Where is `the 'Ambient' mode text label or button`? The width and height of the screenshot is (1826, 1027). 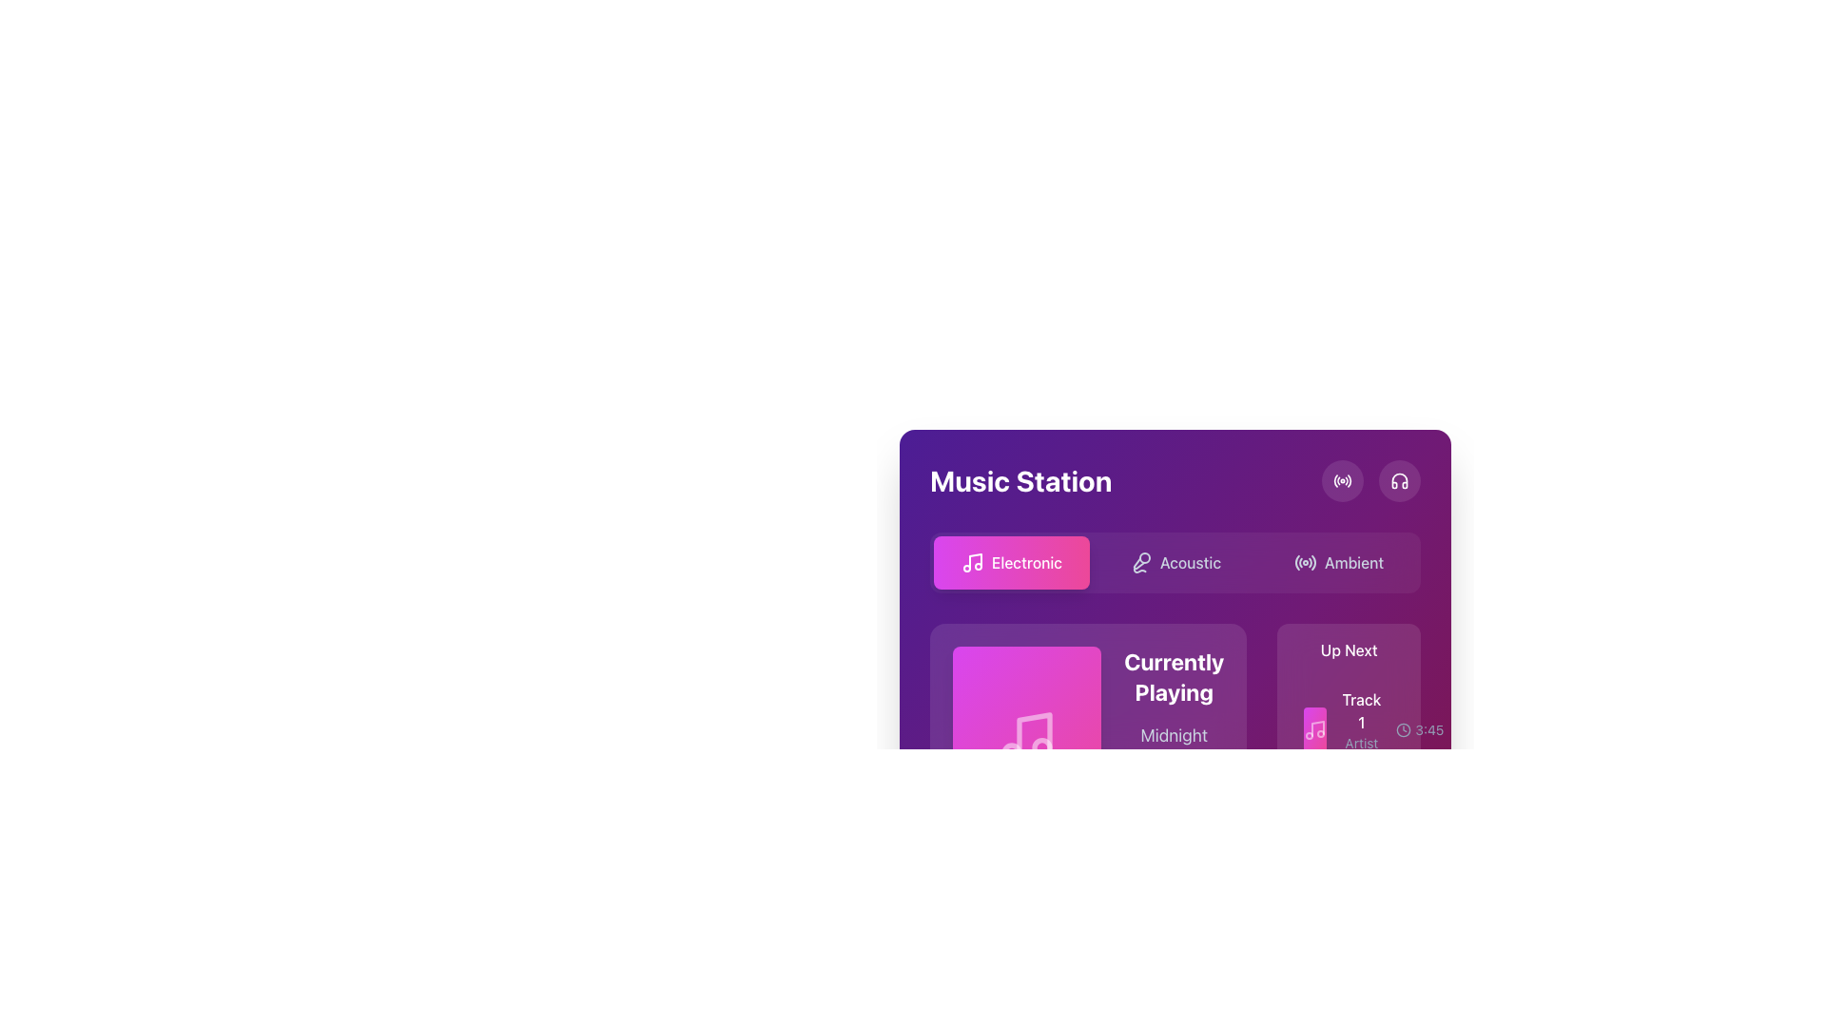
the 'Ambient' mode text label or button is located at coordinates (1353, 561).